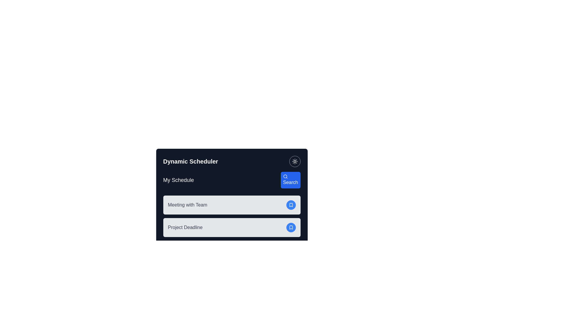  I want to click on the bookmarking button located at the right end of the 'Project Deadline' section, so click(291, 227).